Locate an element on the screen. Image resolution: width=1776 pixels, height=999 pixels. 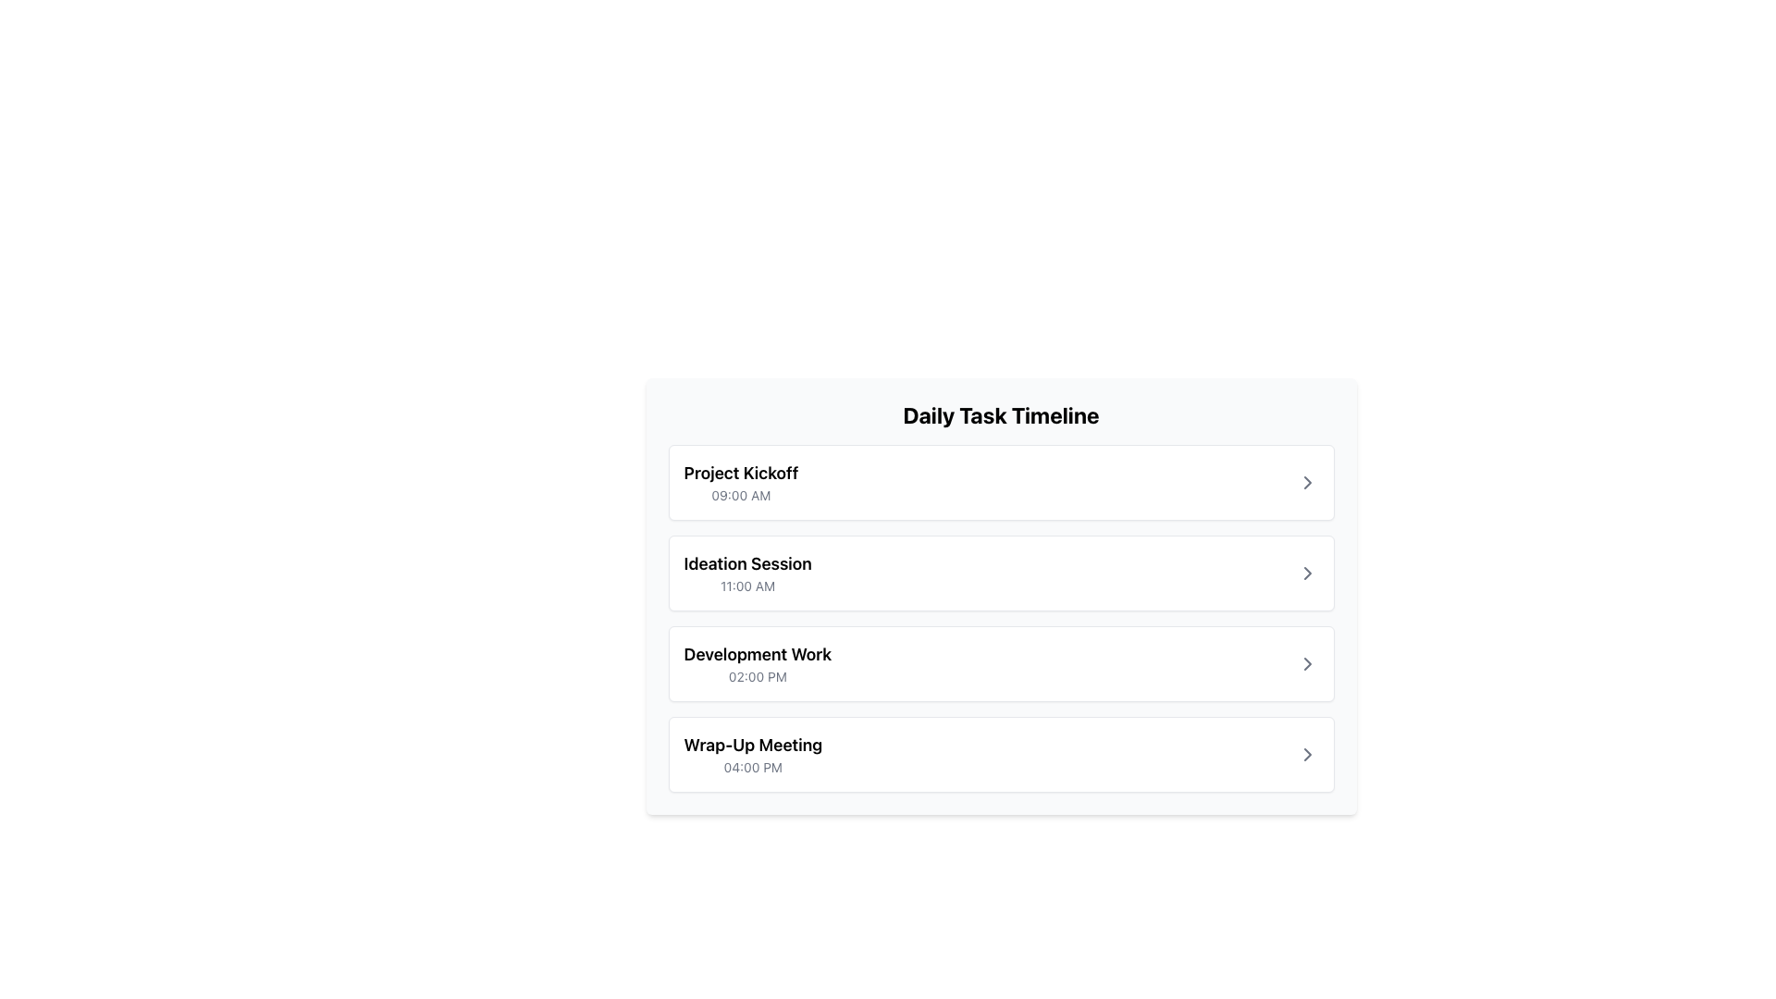
the 'Development Work' task item is located at coordinates (1000, 618).